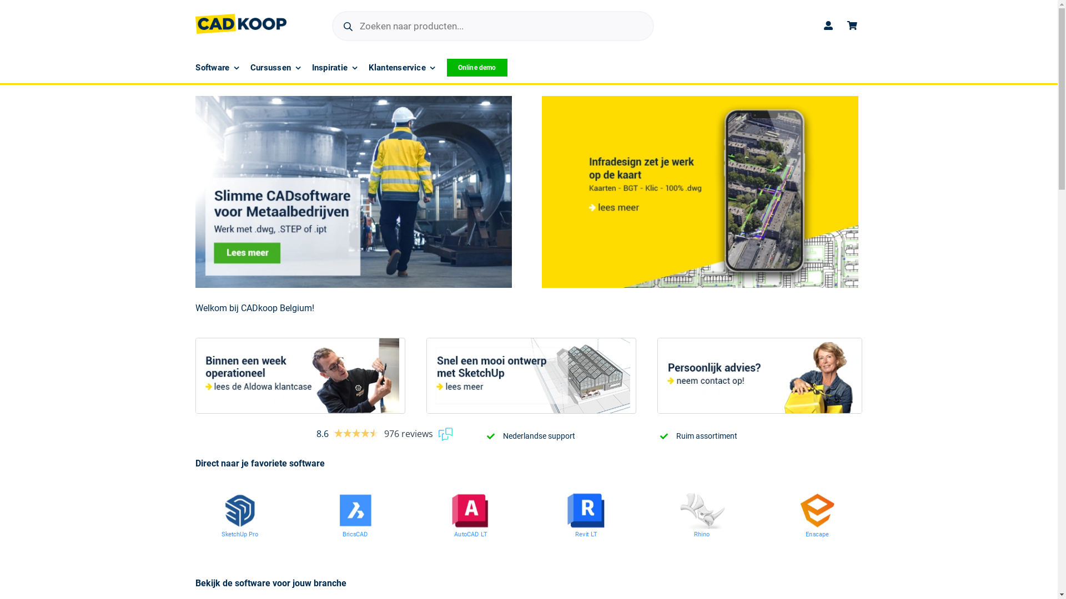 The image size is (1066, 599). Describe the element at coordinates (275, 68) in the screenshot. I see `'Cursussen'` at that location.